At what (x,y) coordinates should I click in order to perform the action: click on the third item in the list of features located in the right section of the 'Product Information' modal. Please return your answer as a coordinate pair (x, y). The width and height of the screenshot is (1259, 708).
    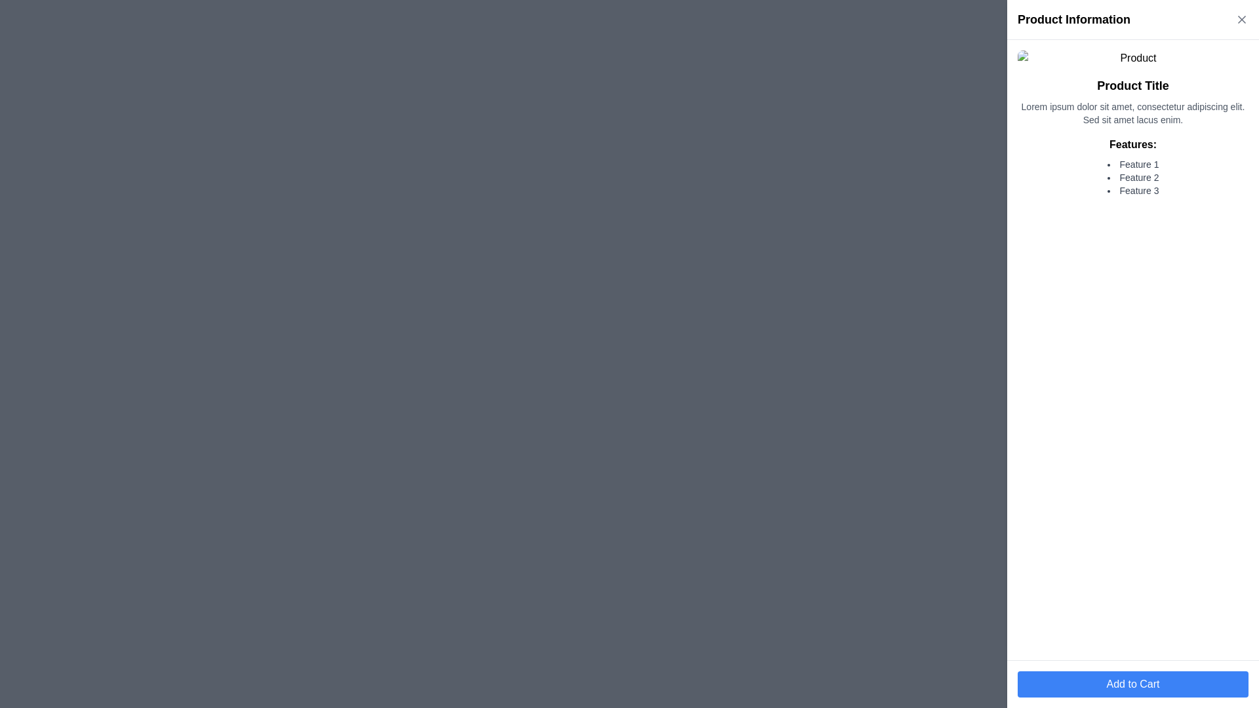
    Looking at the image, I should click on (1132, 190).